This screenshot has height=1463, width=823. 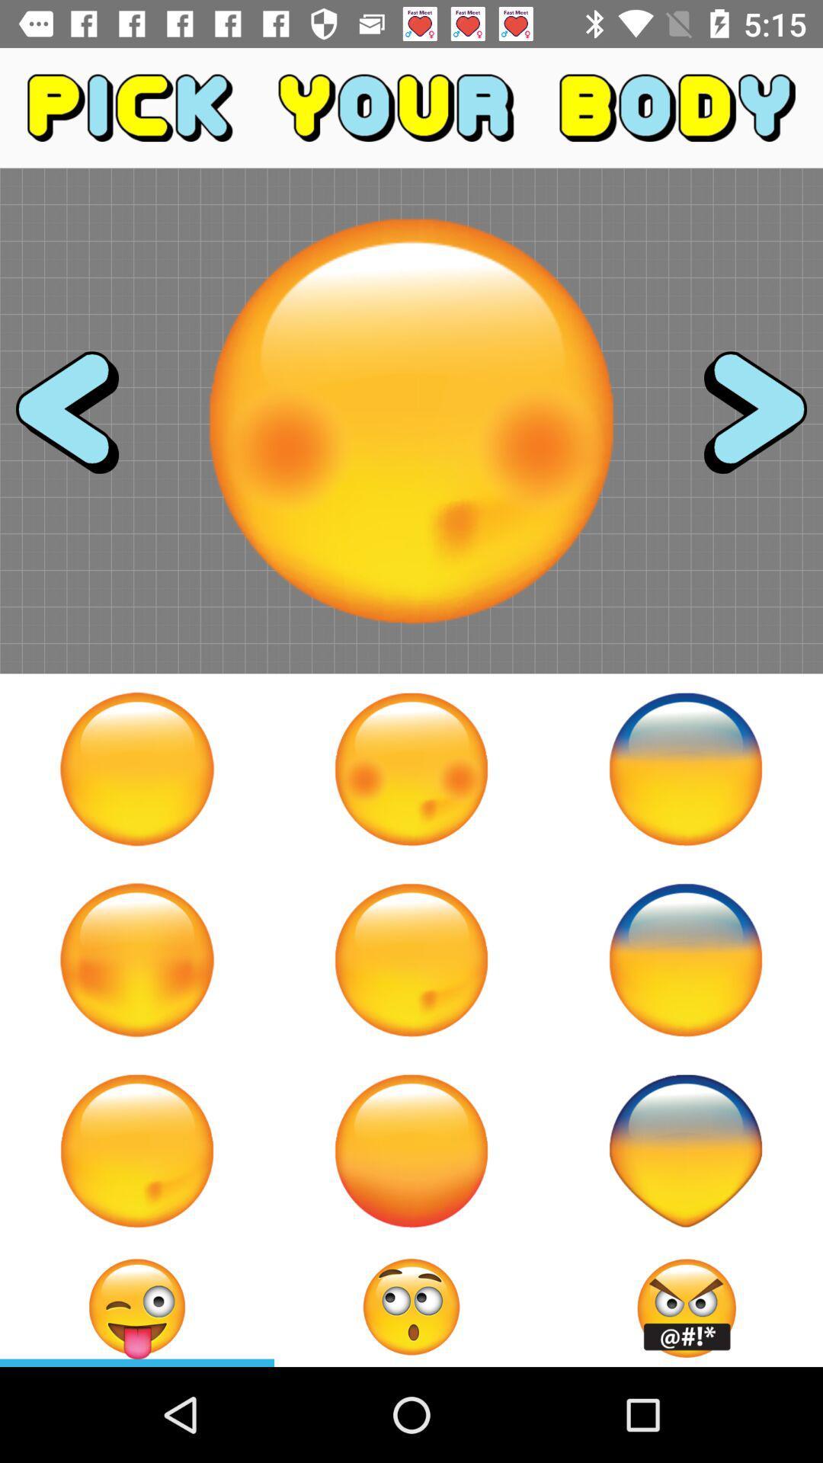 I want to click on element as if you were the app developer, so click(x=684, y=769).